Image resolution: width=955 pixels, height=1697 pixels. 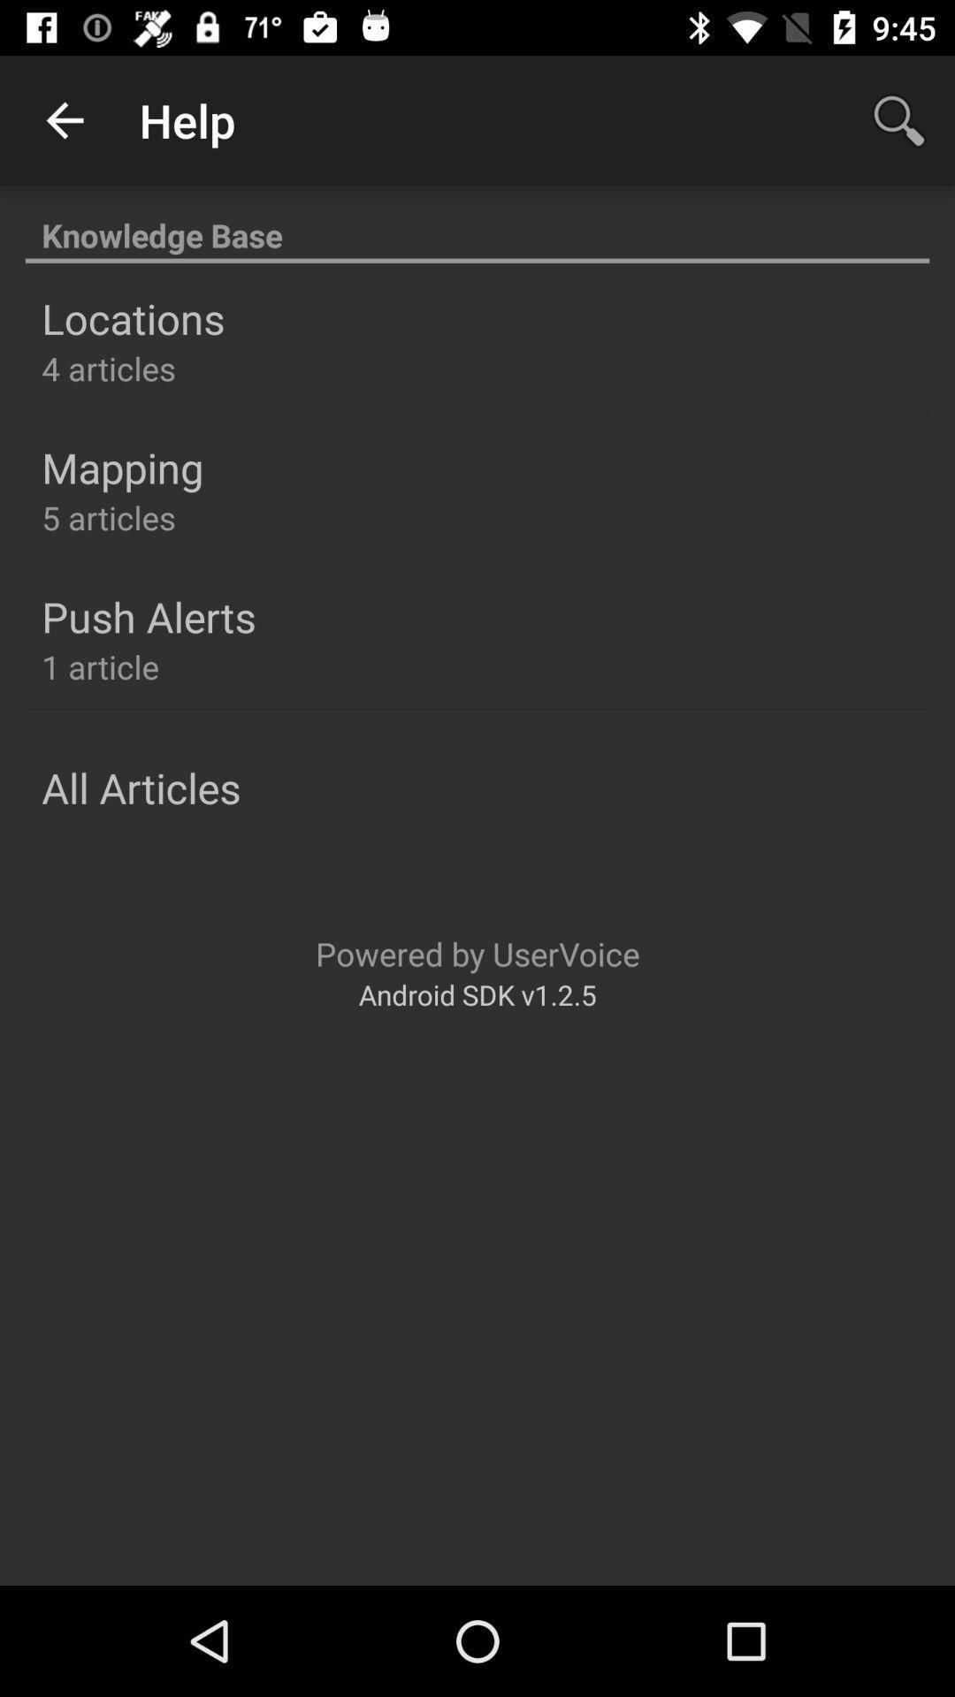 I want to click on item below all articles item, so click(x=477, y=953).